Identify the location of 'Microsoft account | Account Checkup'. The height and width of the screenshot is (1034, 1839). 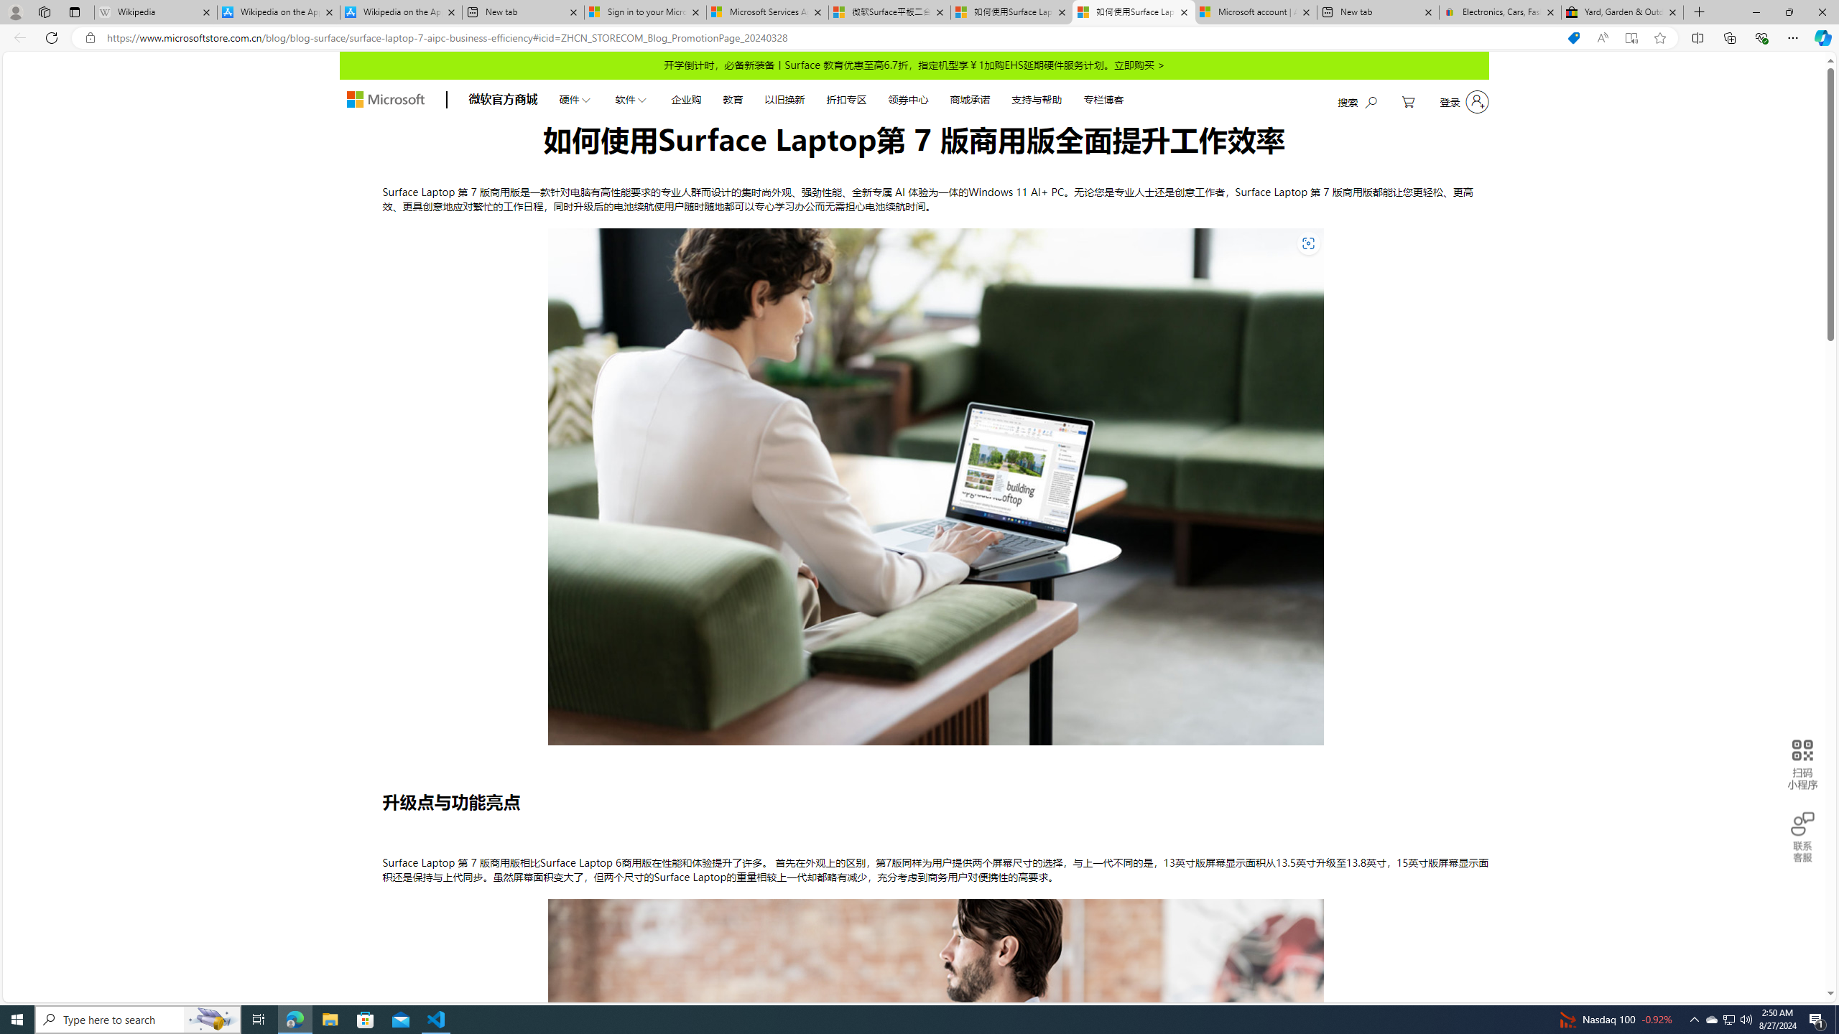
(1256, 11).